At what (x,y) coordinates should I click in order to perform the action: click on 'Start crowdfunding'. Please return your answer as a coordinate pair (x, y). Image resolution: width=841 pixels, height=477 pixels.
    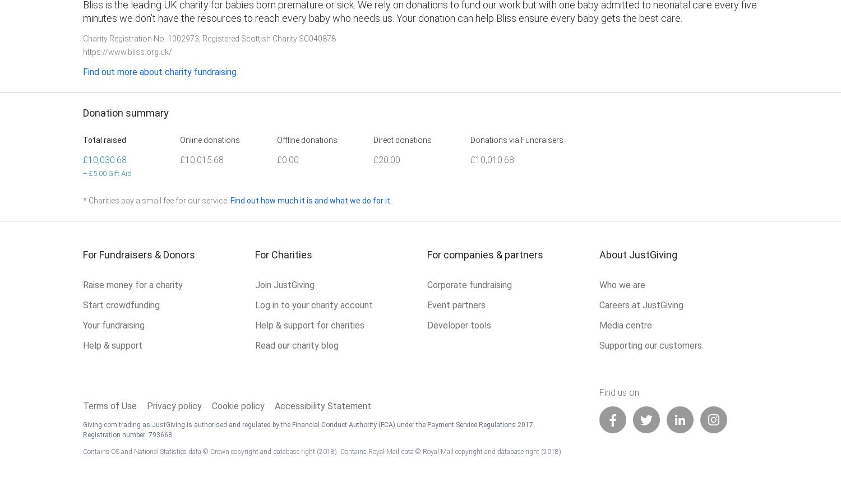
    Looking at the image, I should click on (121, 304).